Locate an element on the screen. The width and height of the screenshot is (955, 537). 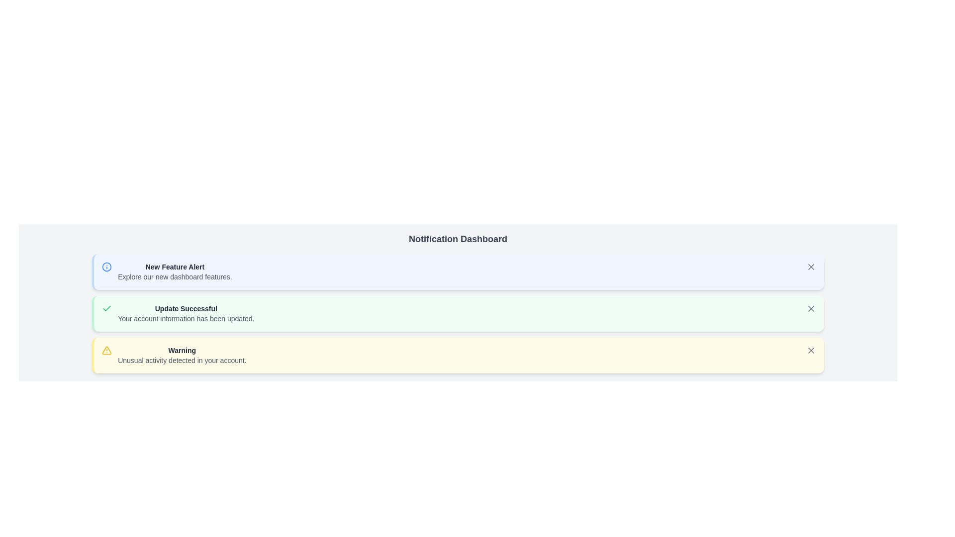
the close button of the notification to dismiss it is located at coordinates (811, 266).